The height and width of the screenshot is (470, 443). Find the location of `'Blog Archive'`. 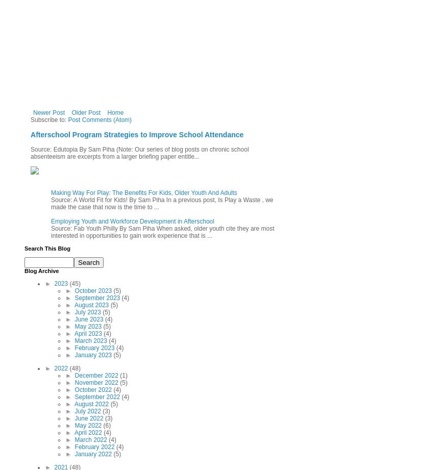

'Blog Archive' is located at coordinates (24, 270).